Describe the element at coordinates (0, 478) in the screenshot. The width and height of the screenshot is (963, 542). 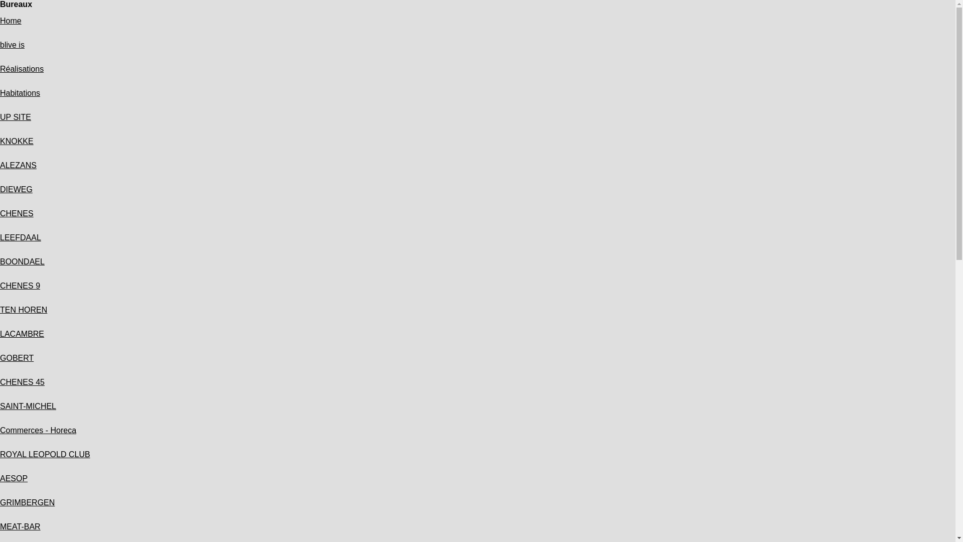
I see `'AESOP'` at that location.